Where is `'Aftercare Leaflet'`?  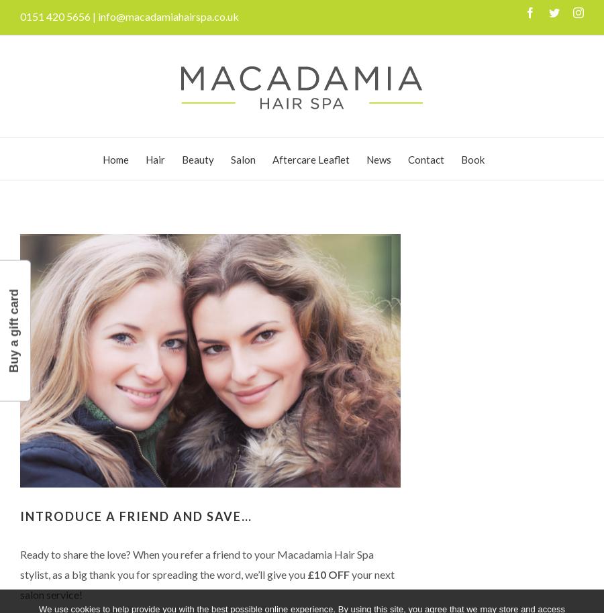
'Aftercare Leaflet' is located at coordinates (272, 158).